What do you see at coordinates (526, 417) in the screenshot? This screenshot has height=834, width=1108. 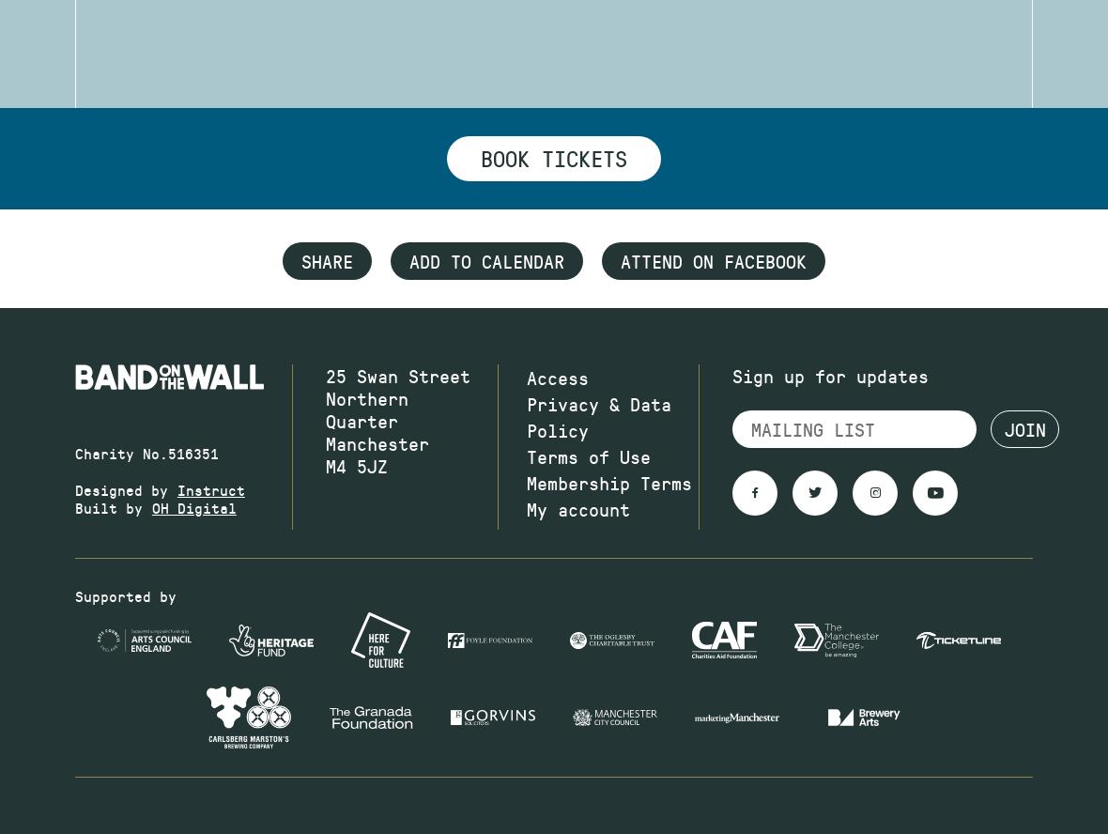 I see `'Privacy & Data Policy'` at bounding box center [526, 417].